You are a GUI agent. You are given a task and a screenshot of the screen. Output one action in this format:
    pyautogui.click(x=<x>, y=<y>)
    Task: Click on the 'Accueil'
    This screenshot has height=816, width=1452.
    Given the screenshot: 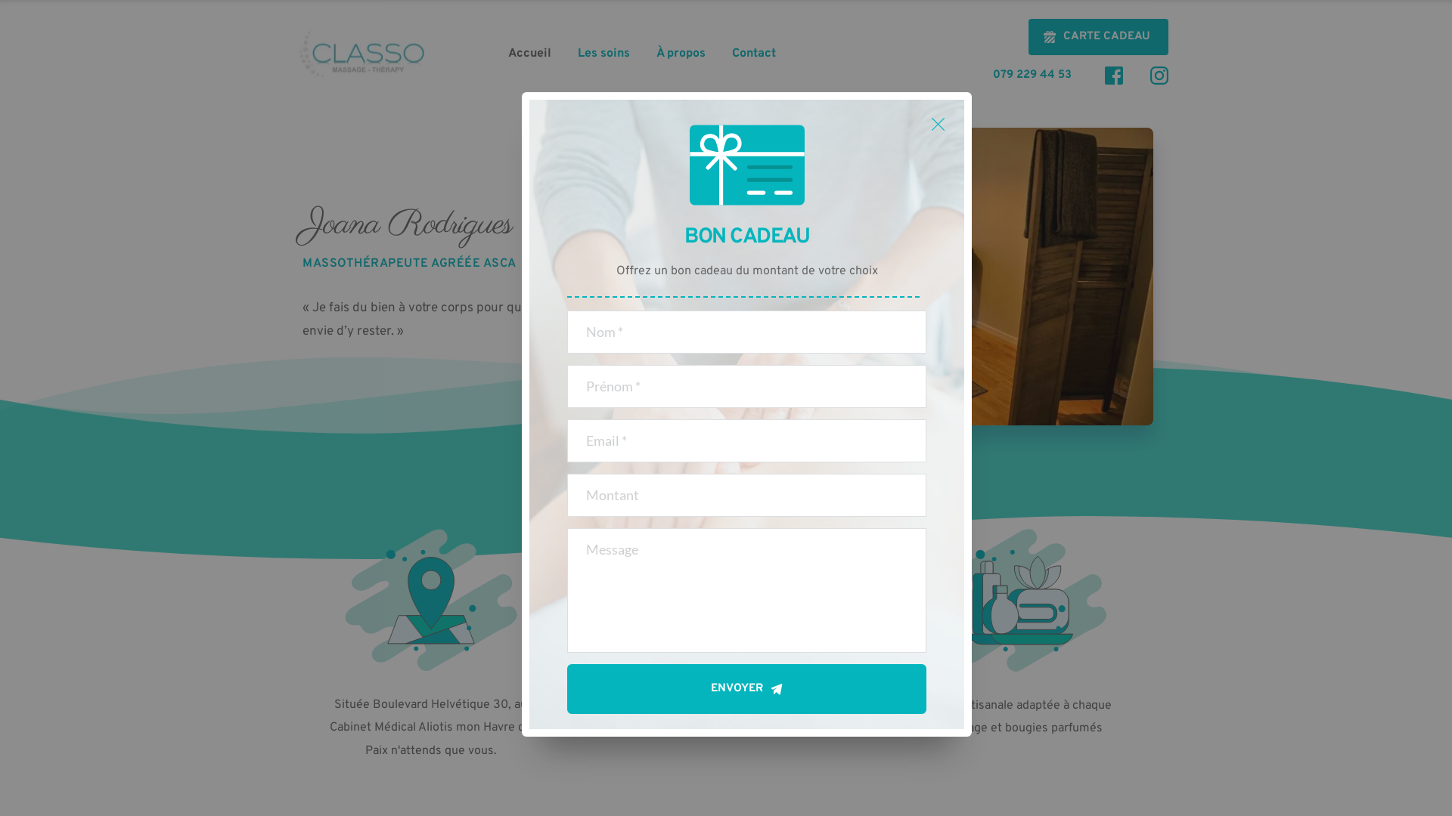 What is the action you would take?
    pyautogui.click(x=529, y=52)
    